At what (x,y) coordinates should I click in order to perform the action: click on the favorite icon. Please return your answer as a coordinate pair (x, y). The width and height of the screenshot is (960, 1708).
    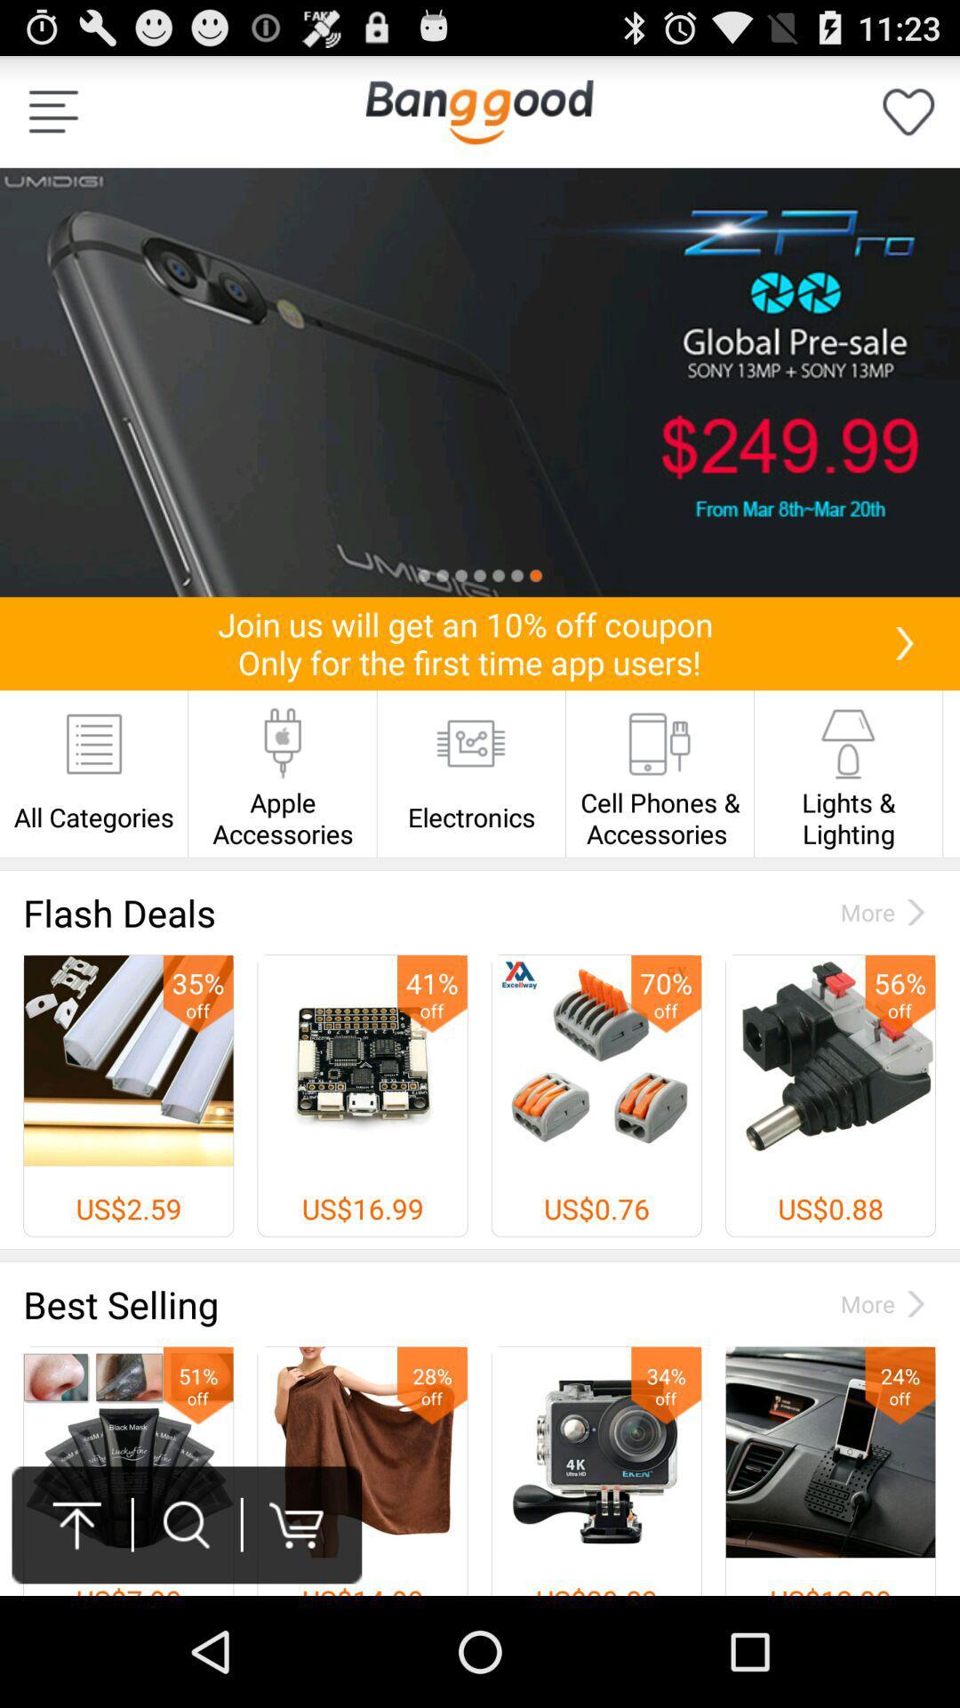
    Looking at the image, I should click on (908, 118).